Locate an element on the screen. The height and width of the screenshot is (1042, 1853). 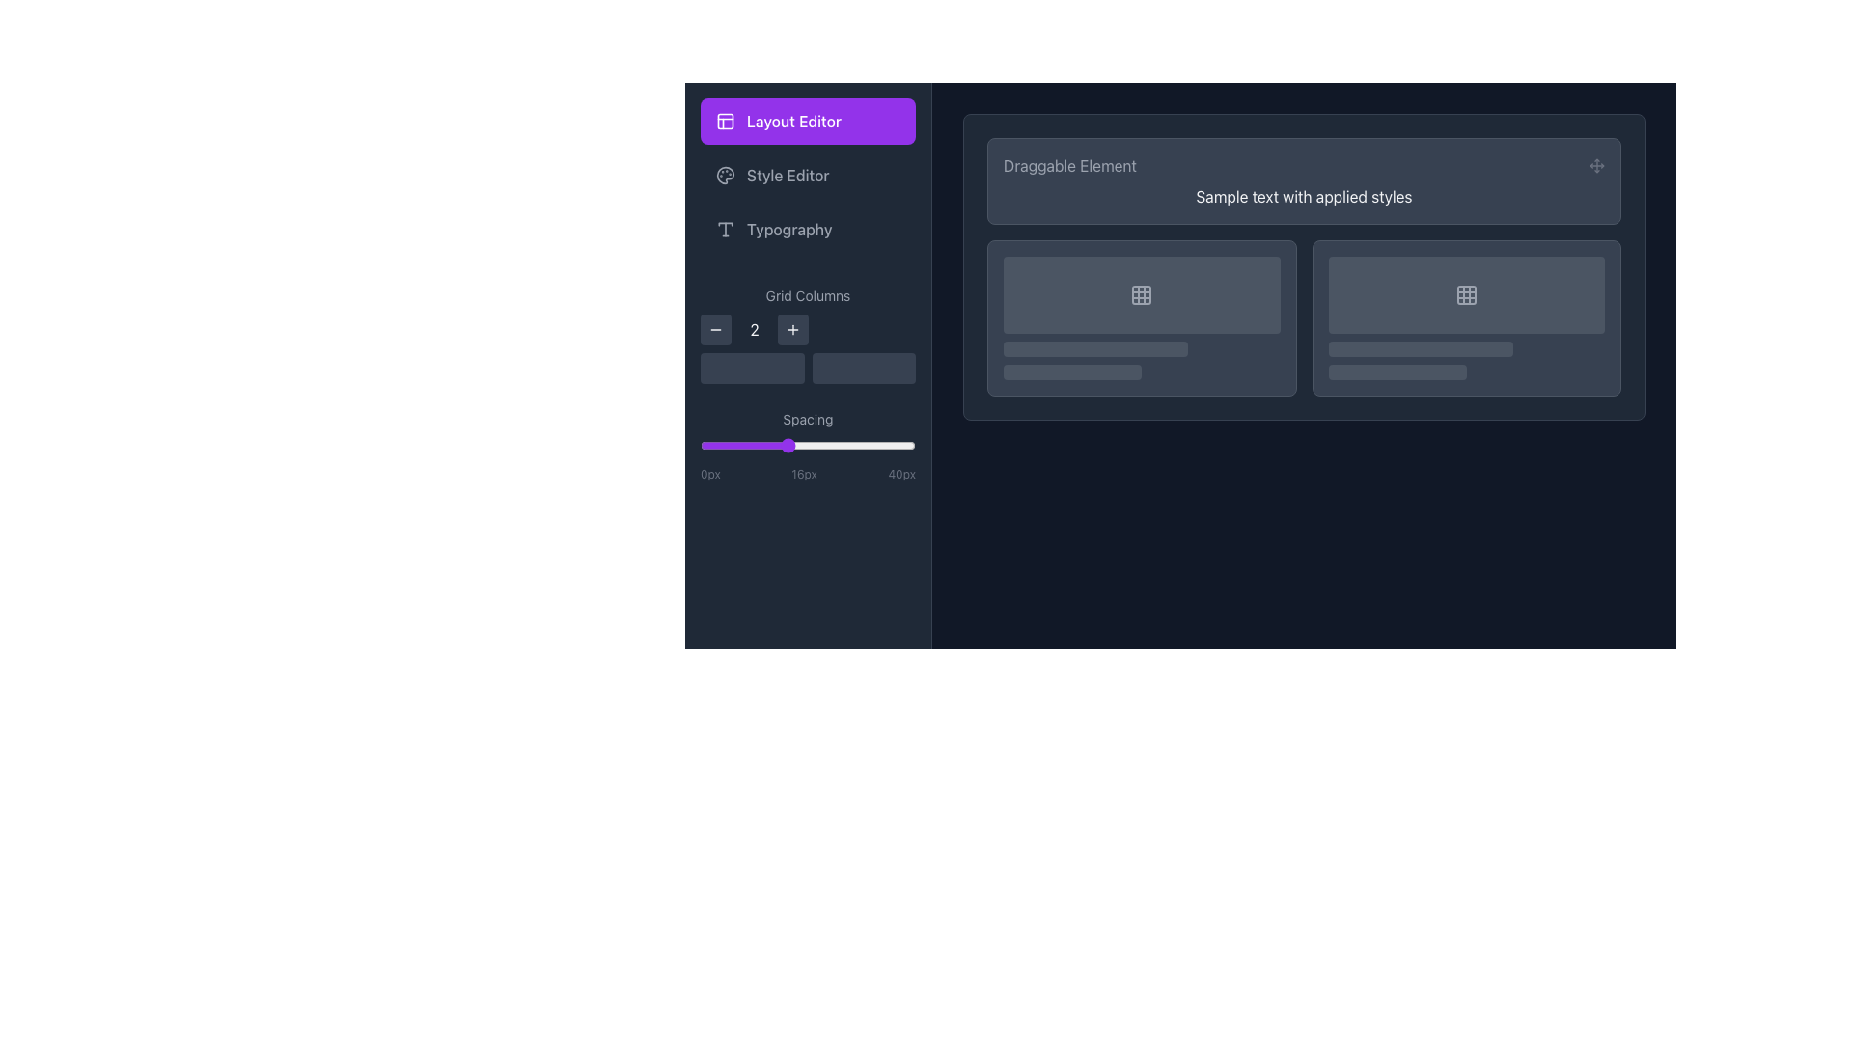
the rectangular button with a purple background and white text reading 'Layout Editor' is located at coordinates (808, 122).